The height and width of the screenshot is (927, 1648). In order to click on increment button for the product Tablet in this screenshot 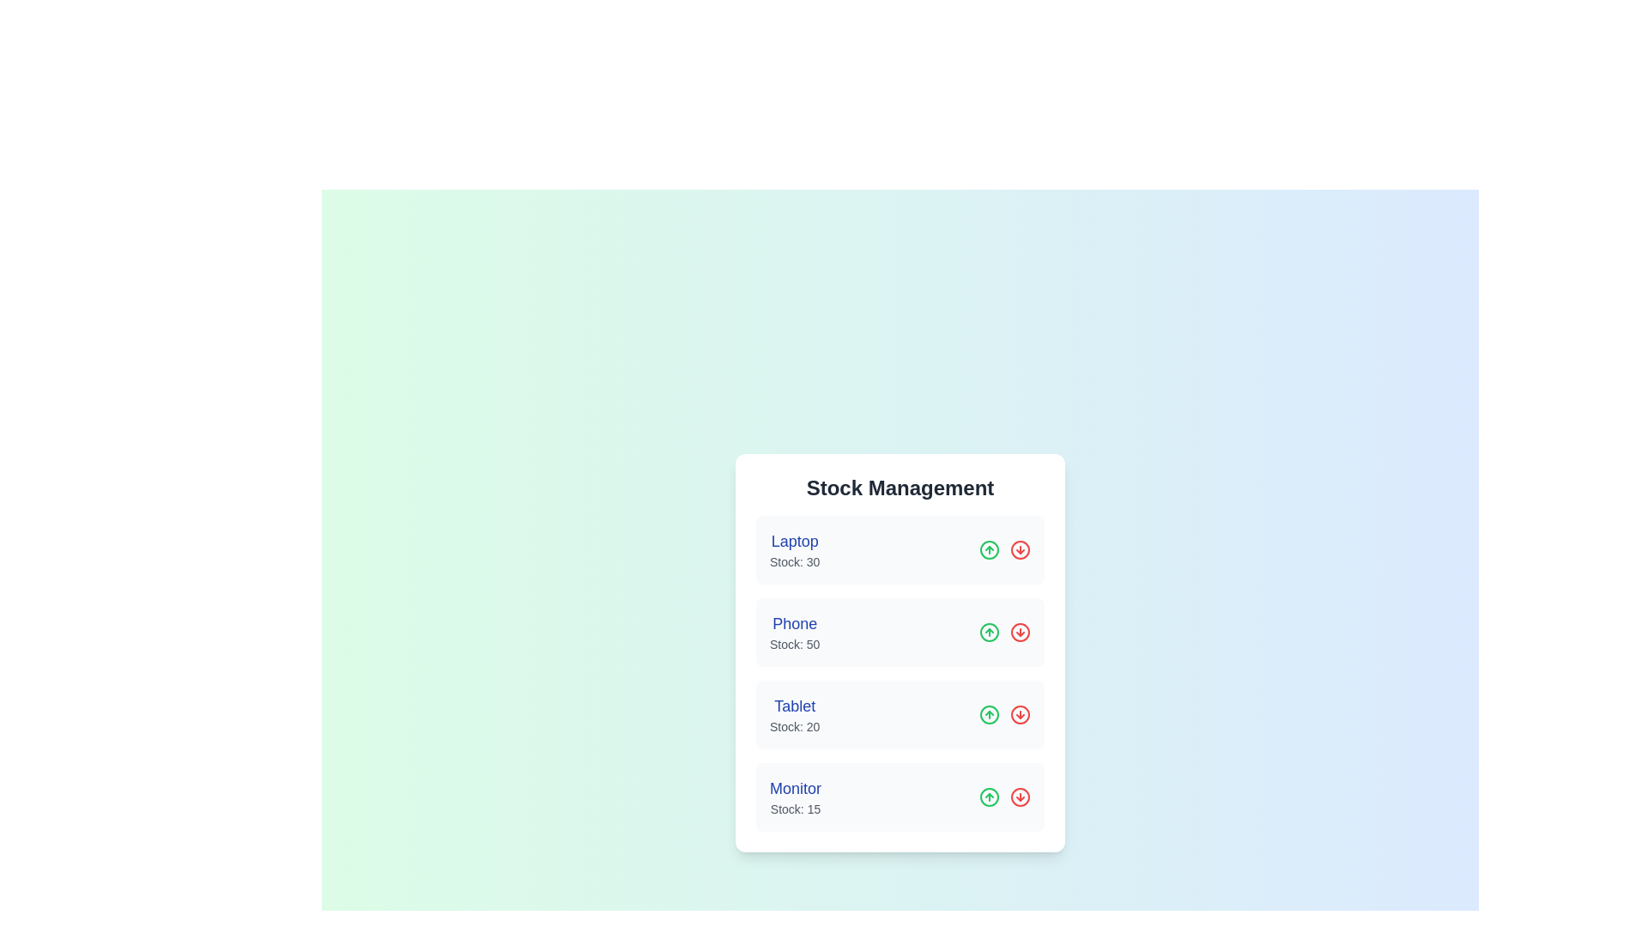, I will do `click(989, 715)`.